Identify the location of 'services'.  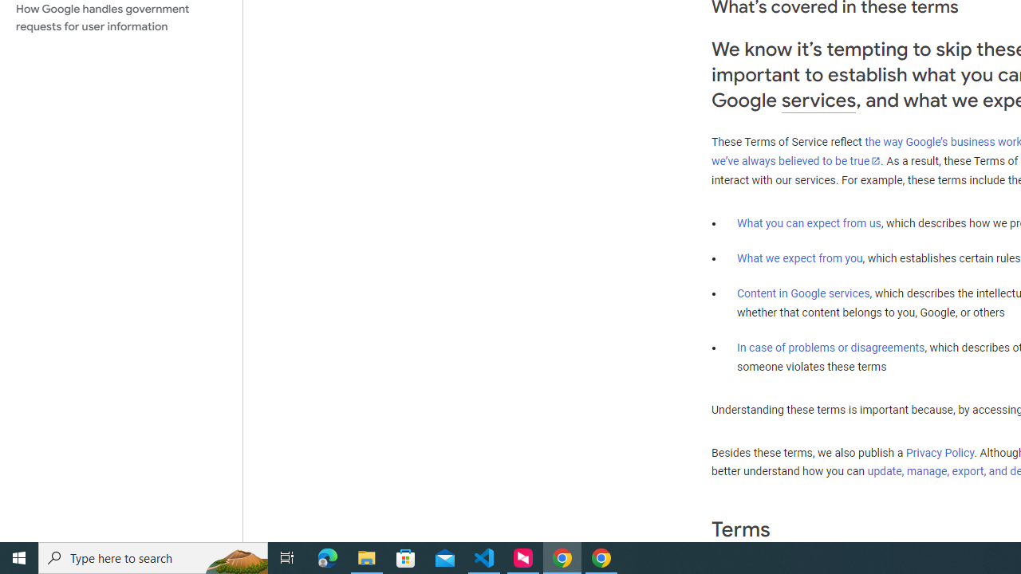
(818, 100).